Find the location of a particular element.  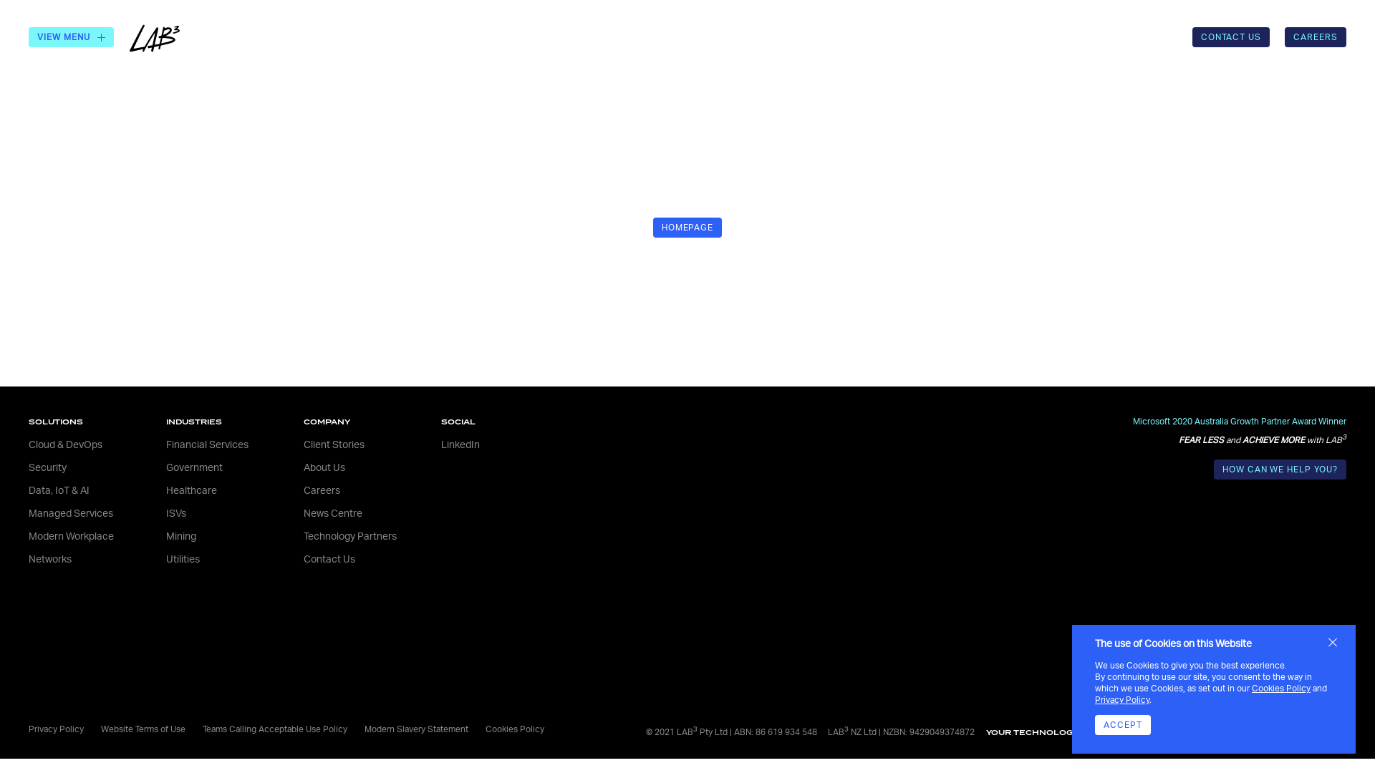

'Privacy Policy' is located at coordinates (56, 729).